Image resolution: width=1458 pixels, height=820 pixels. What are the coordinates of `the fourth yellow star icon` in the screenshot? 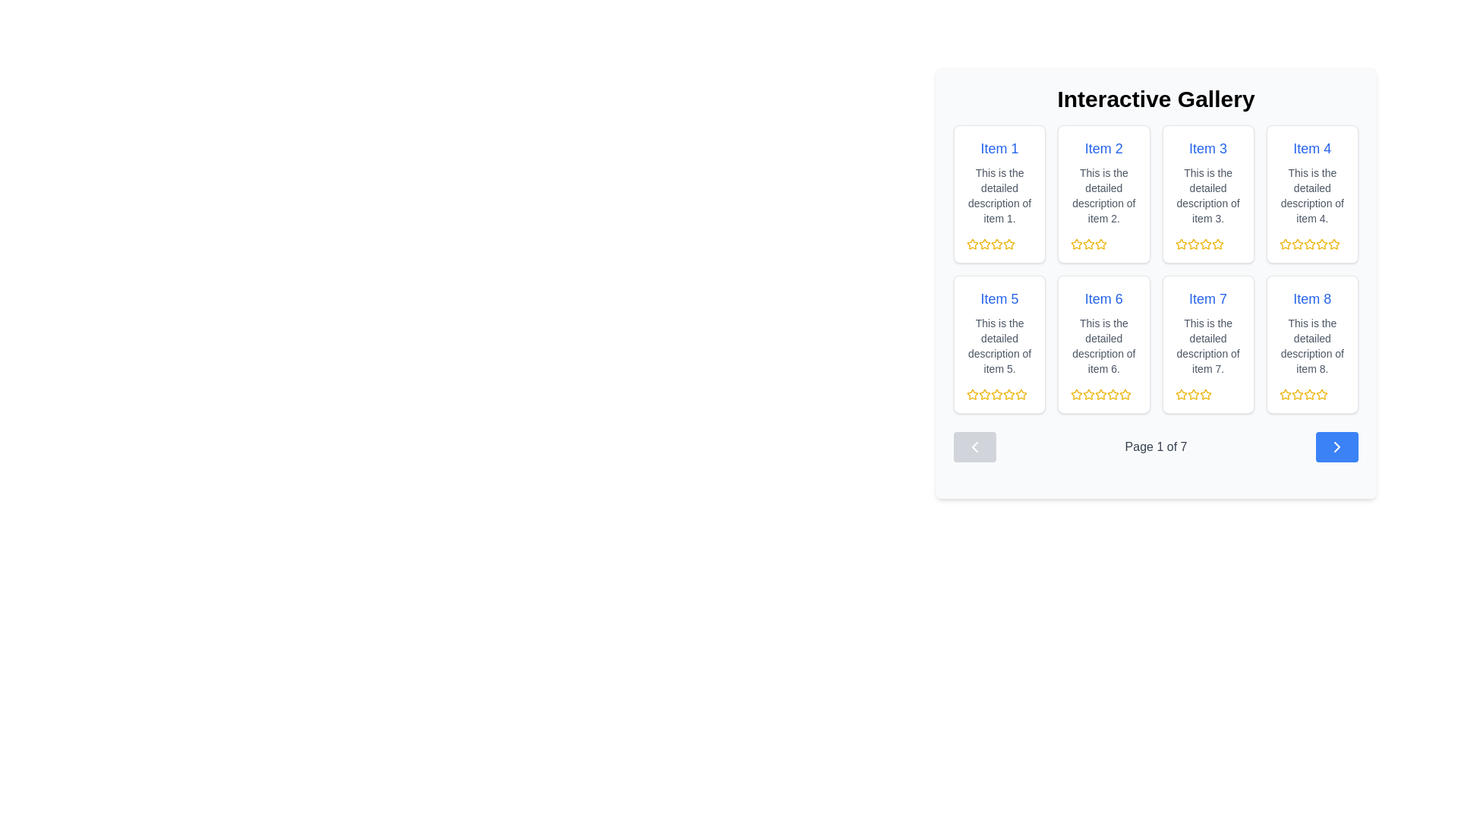 It's located at (1321, 393).